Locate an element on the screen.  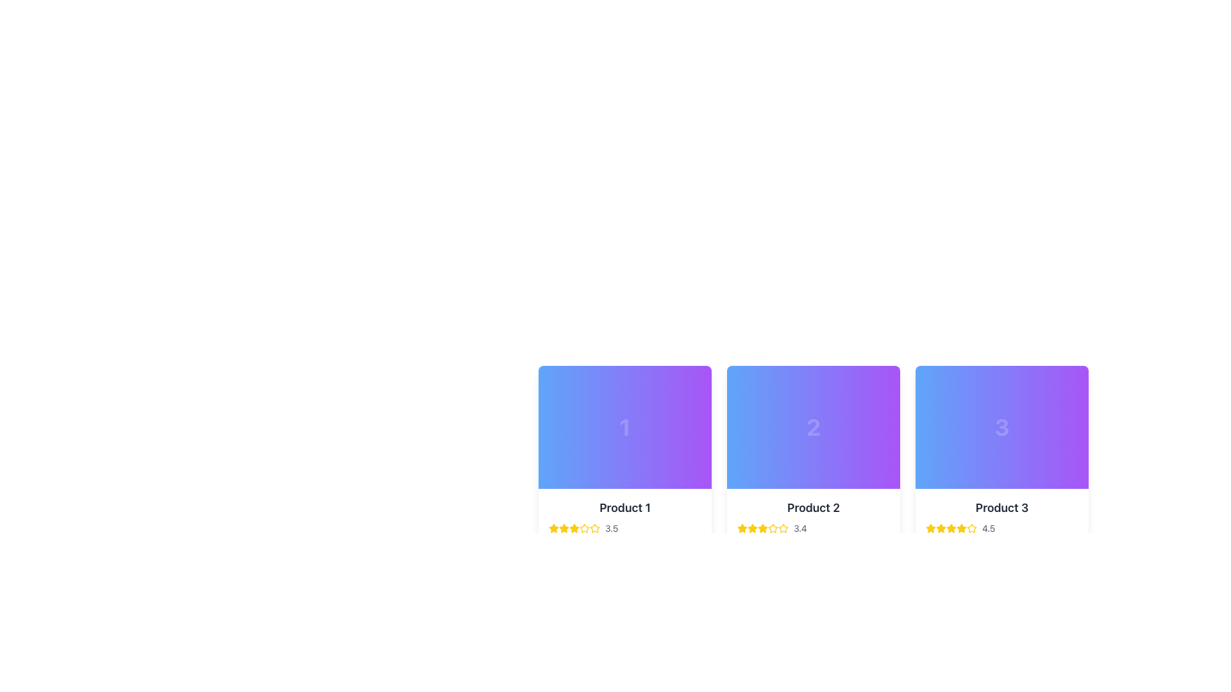
the first star icon in the rating system below the 'Product 1' label is located at coordinates (554, 528).